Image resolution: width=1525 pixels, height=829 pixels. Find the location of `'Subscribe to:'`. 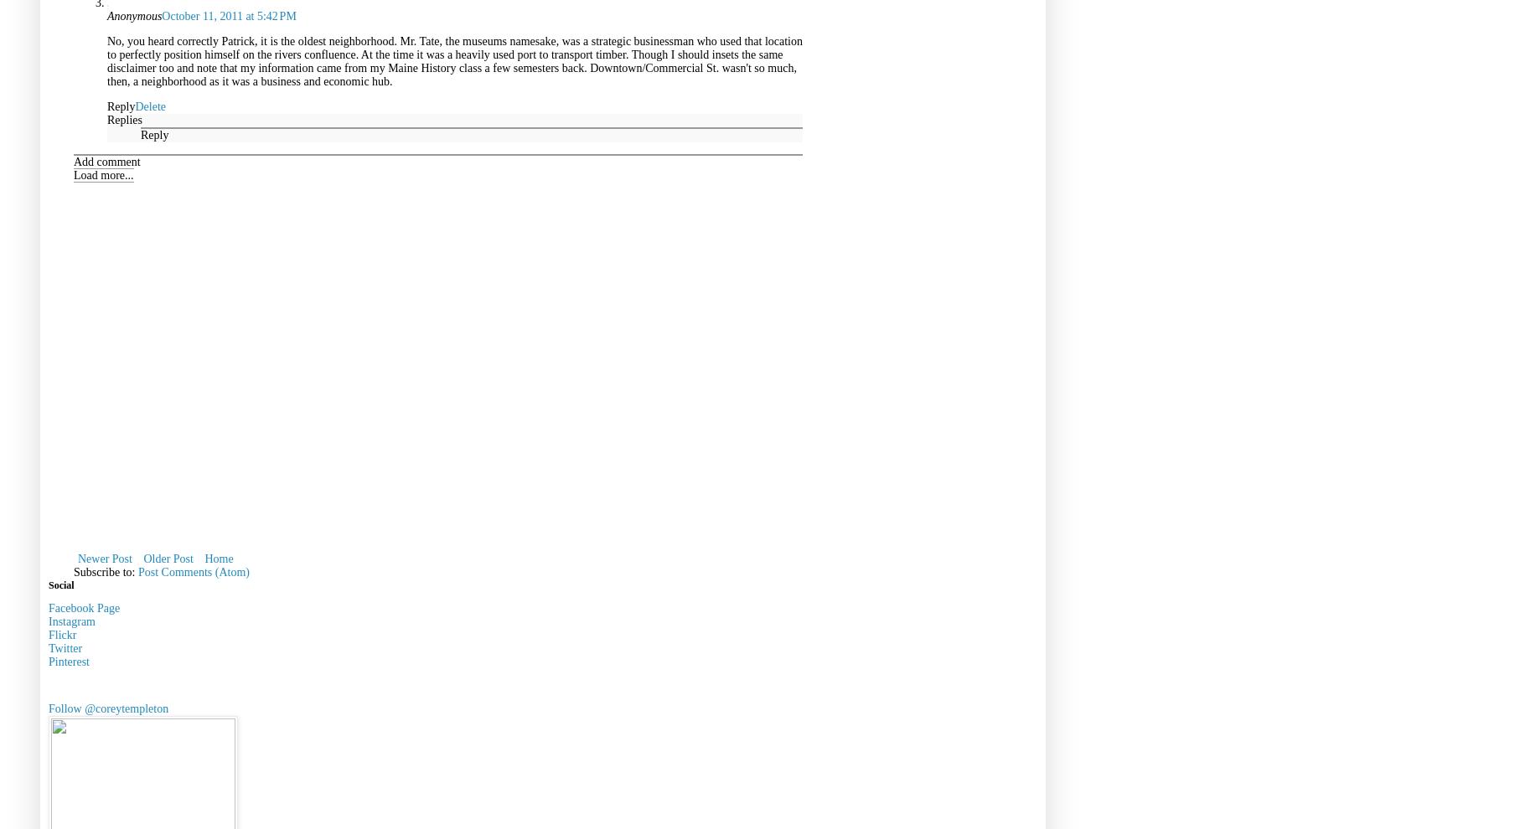

'Subscribe to:' is located at coordinates (106, 571).